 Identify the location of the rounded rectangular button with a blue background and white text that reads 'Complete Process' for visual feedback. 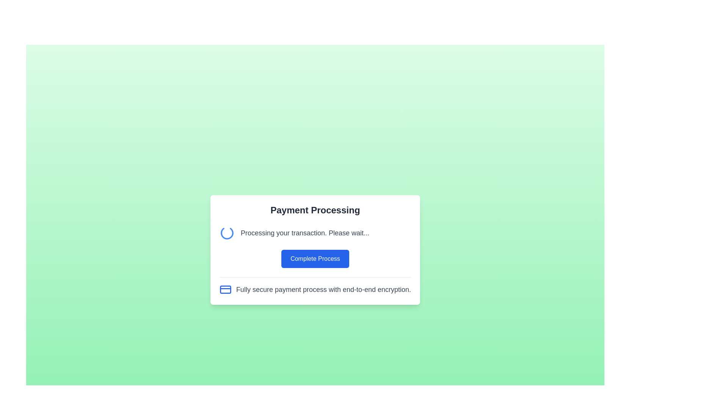
(315, 258).